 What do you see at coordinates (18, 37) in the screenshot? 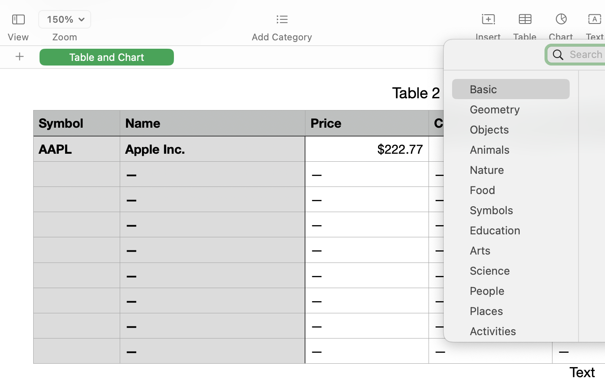
I see `'View'` at bounding box center [18, 37].